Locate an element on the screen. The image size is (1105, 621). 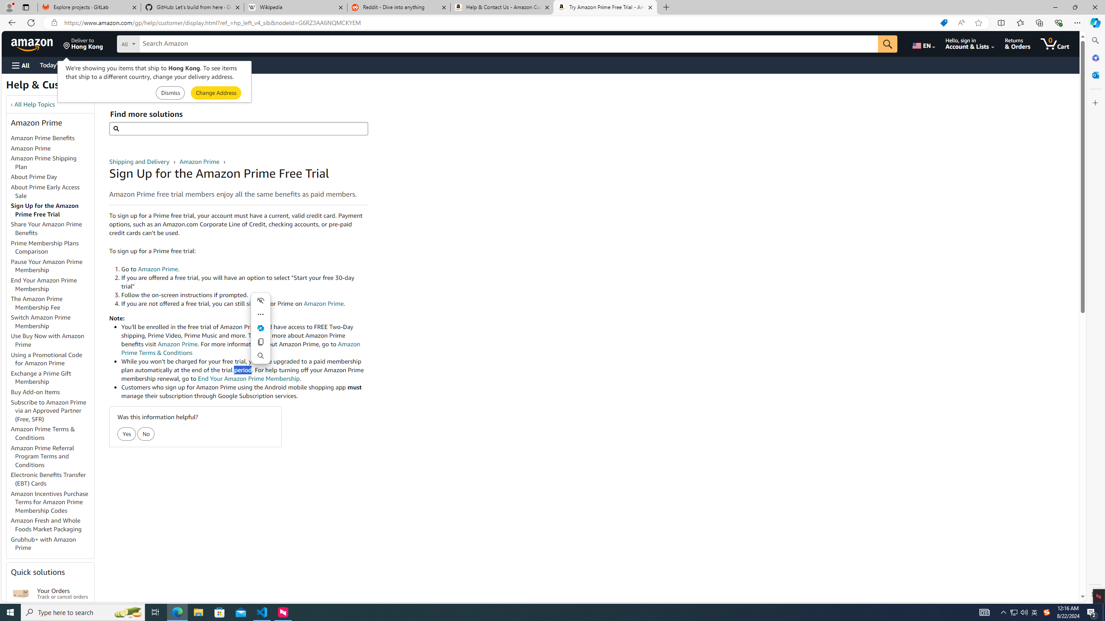
'Buy Add-on Items' is located at coordinates (35, 392).